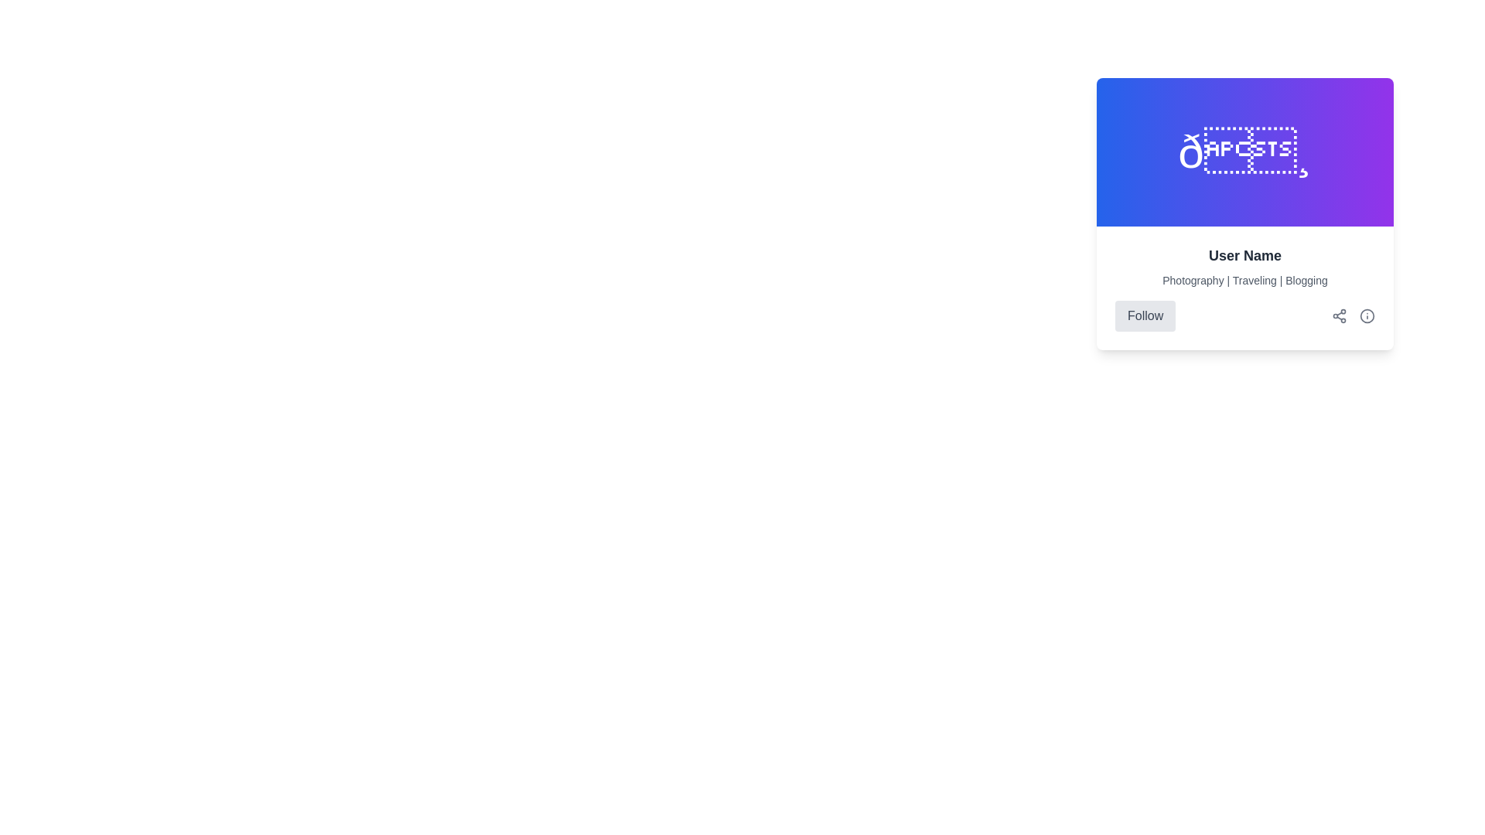  Describe the element at coordinates (1244, 152) in the screenshot. I see `the image or graphic banner at the top section of the card layout that represents the profile or thematic content` at that location.